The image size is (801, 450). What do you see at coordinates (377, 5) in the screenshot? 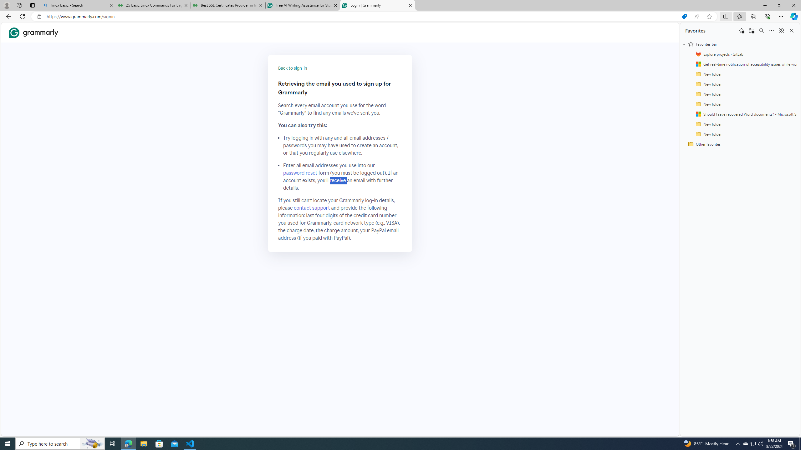
I see `'Login | Grammarly'` at bounding box center [377, 5].